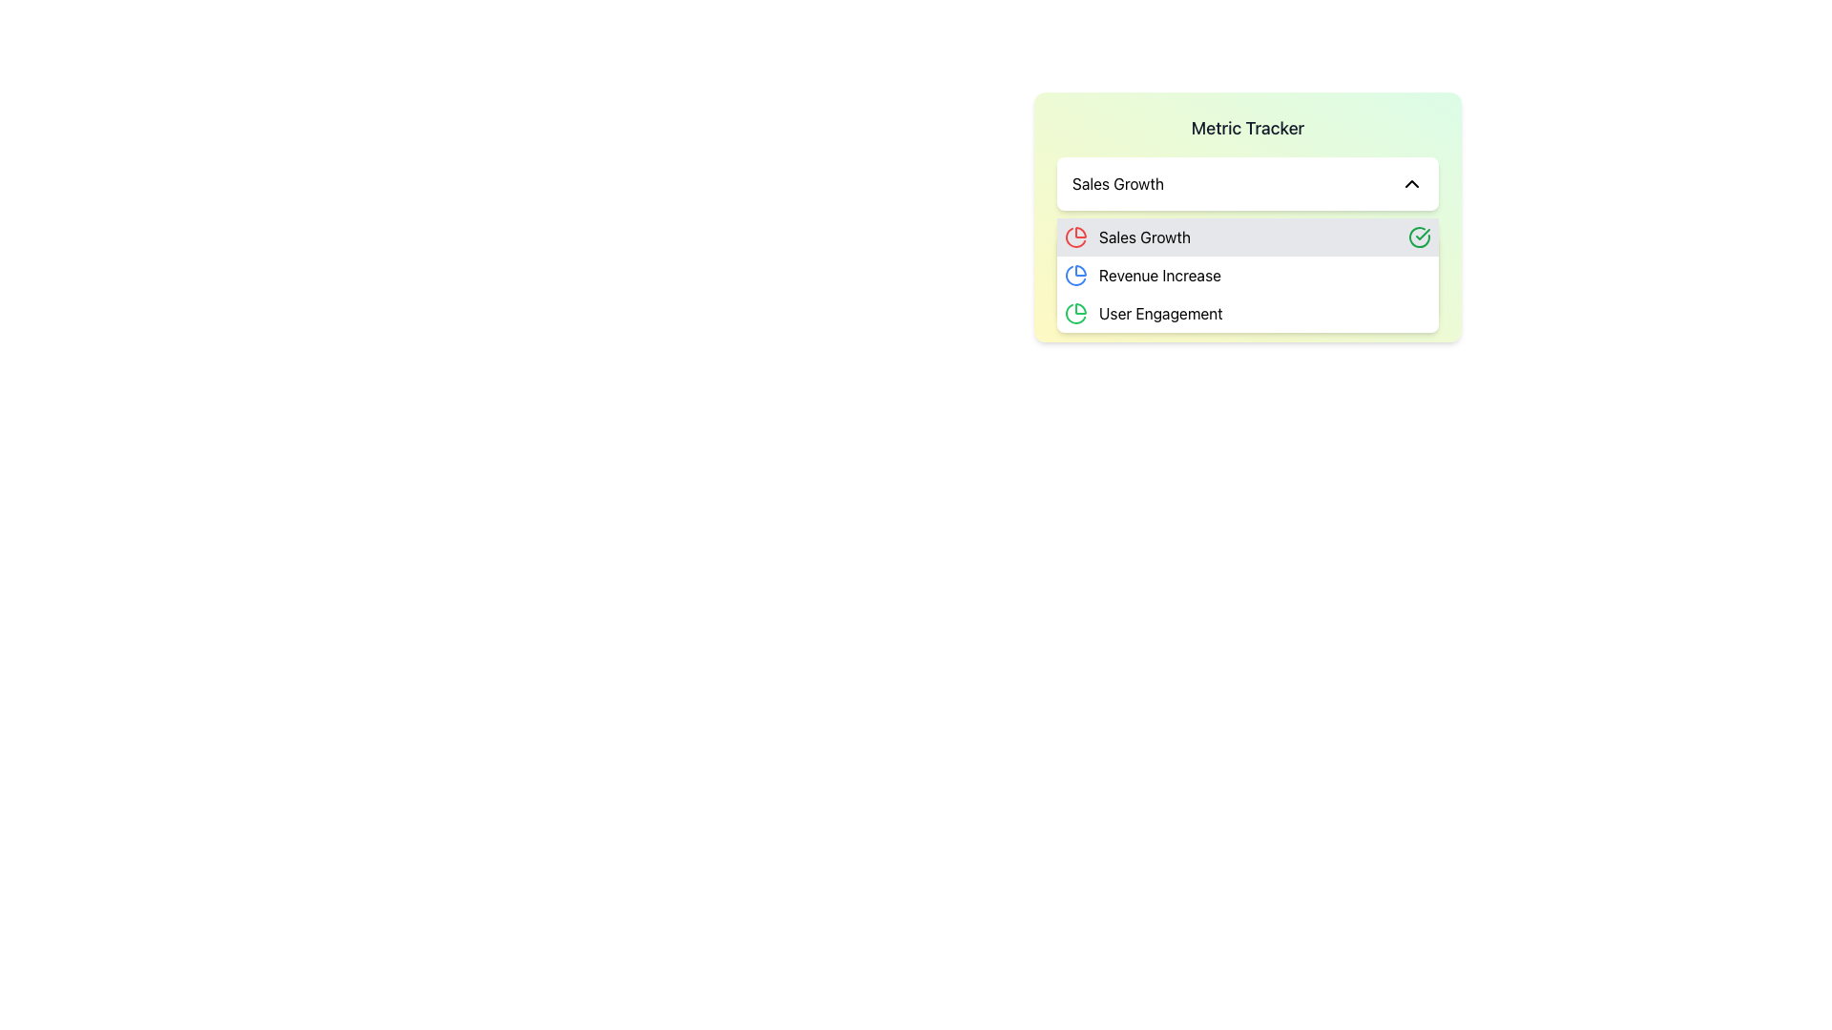 The image size is (1832, 1030). I want to click on the 'Revenue Increase' text label in the dropdown list of the 'Metric Tracker', so click(1158, 276).